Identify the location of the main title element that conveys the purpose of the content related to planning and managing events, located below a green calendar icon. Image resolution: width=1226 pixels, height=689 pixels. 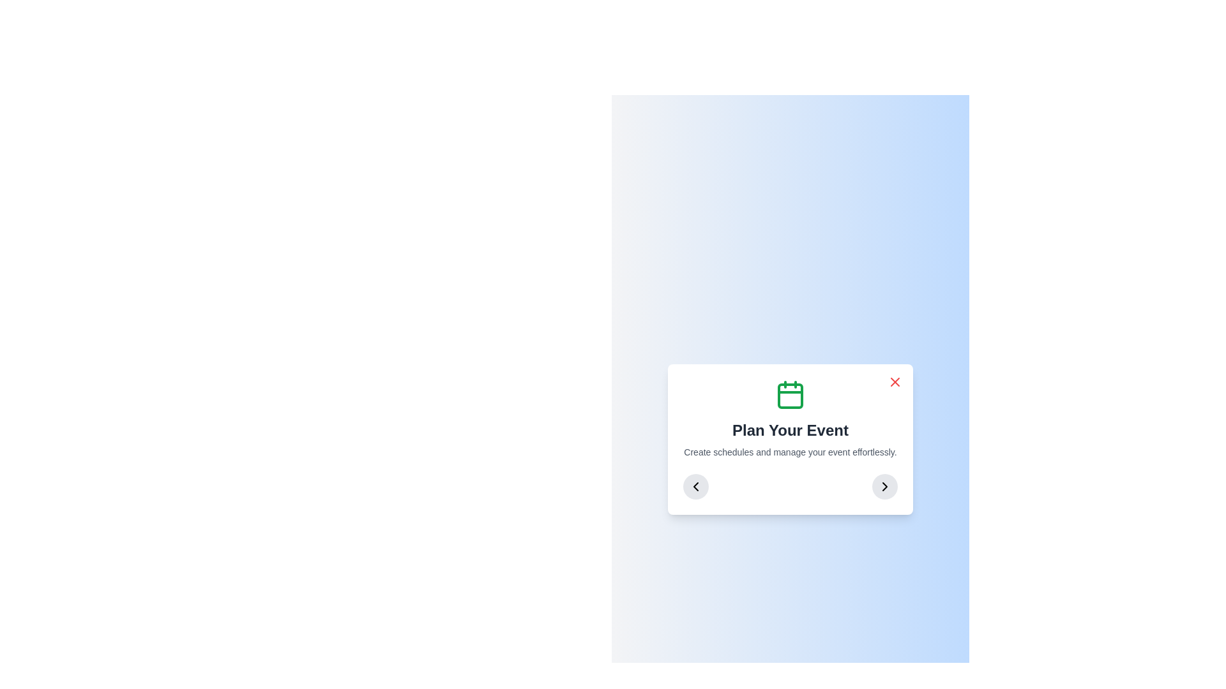
(790, 431).